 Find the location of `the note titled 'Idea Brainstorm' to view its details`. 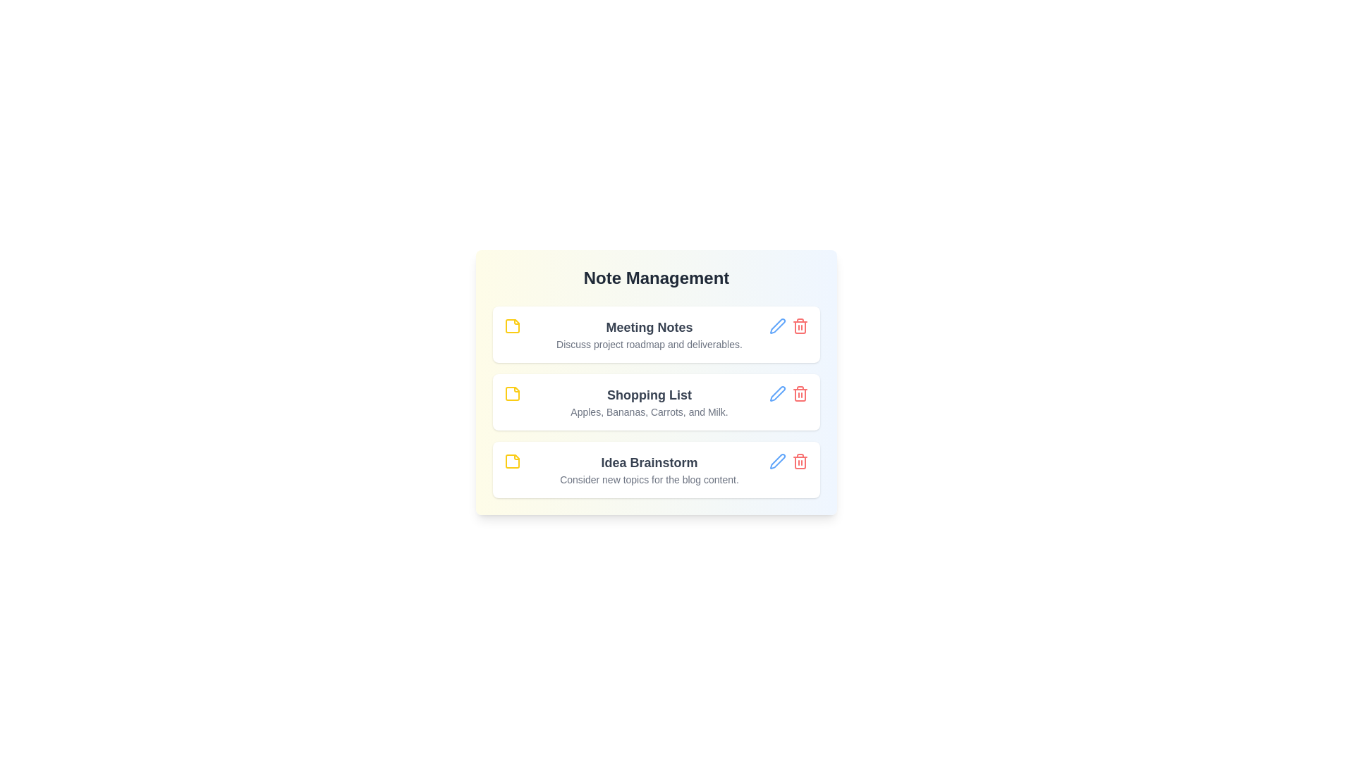

the note titled 'Idea Brainstorm' to view its details is located at coordinates (649, 462).